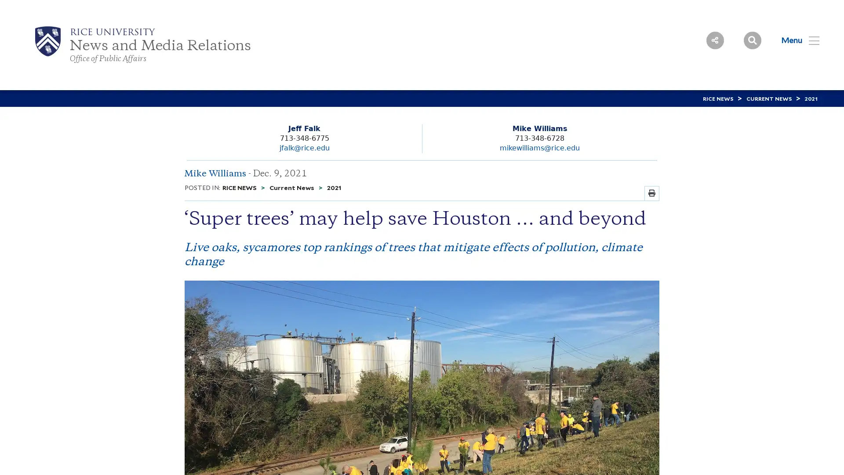 Image resolution: width=844 pixels, height=475 pixels. What do you see at coordinates (795, 40) in the screenshot?
I see `Open Menu` at bounding box center [795, 40].